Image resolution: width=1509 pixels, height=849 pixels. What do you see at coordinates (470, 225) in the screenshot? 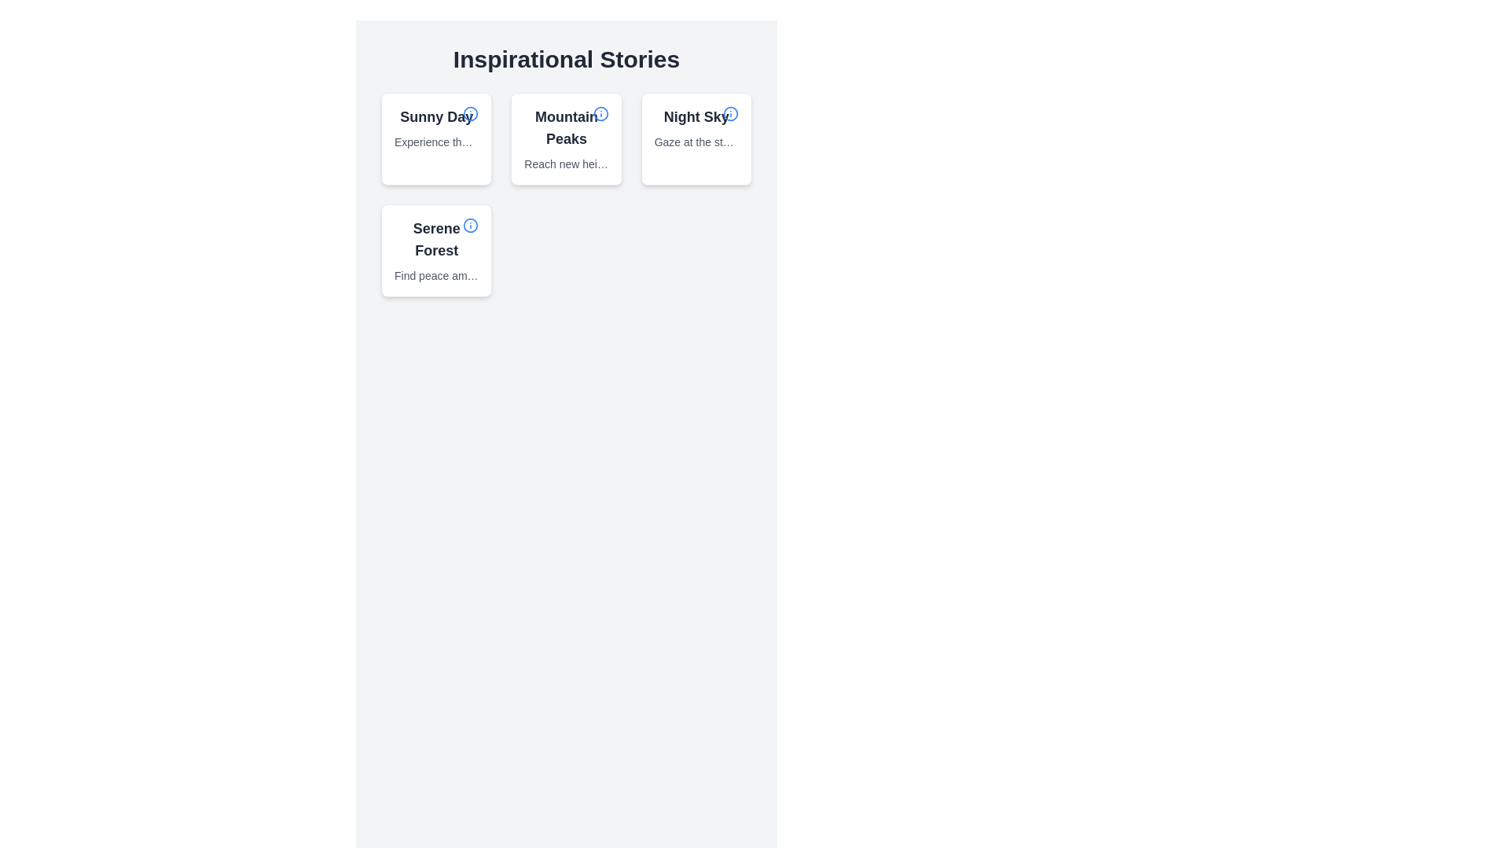
I see `the information icon located at the top-right corner of the 'Serene Forest' card` at bounding box center [470, 225].